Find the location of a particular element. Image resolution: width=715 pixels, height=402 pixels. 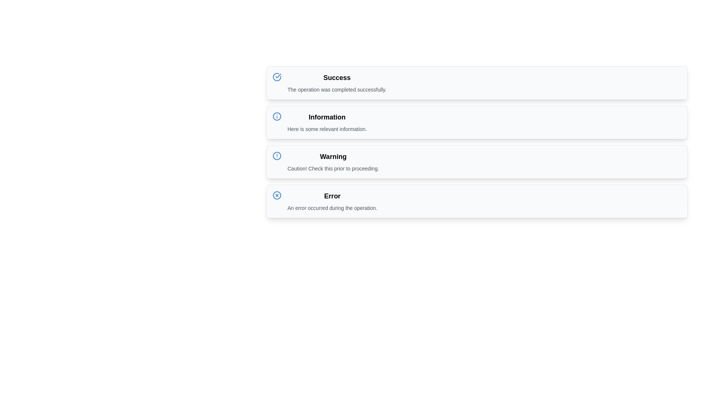

the Notification Box that indicates a successful operation, positioned at the top of the list above Information, Warning, and Error elements is located at coordinates (477, 83).